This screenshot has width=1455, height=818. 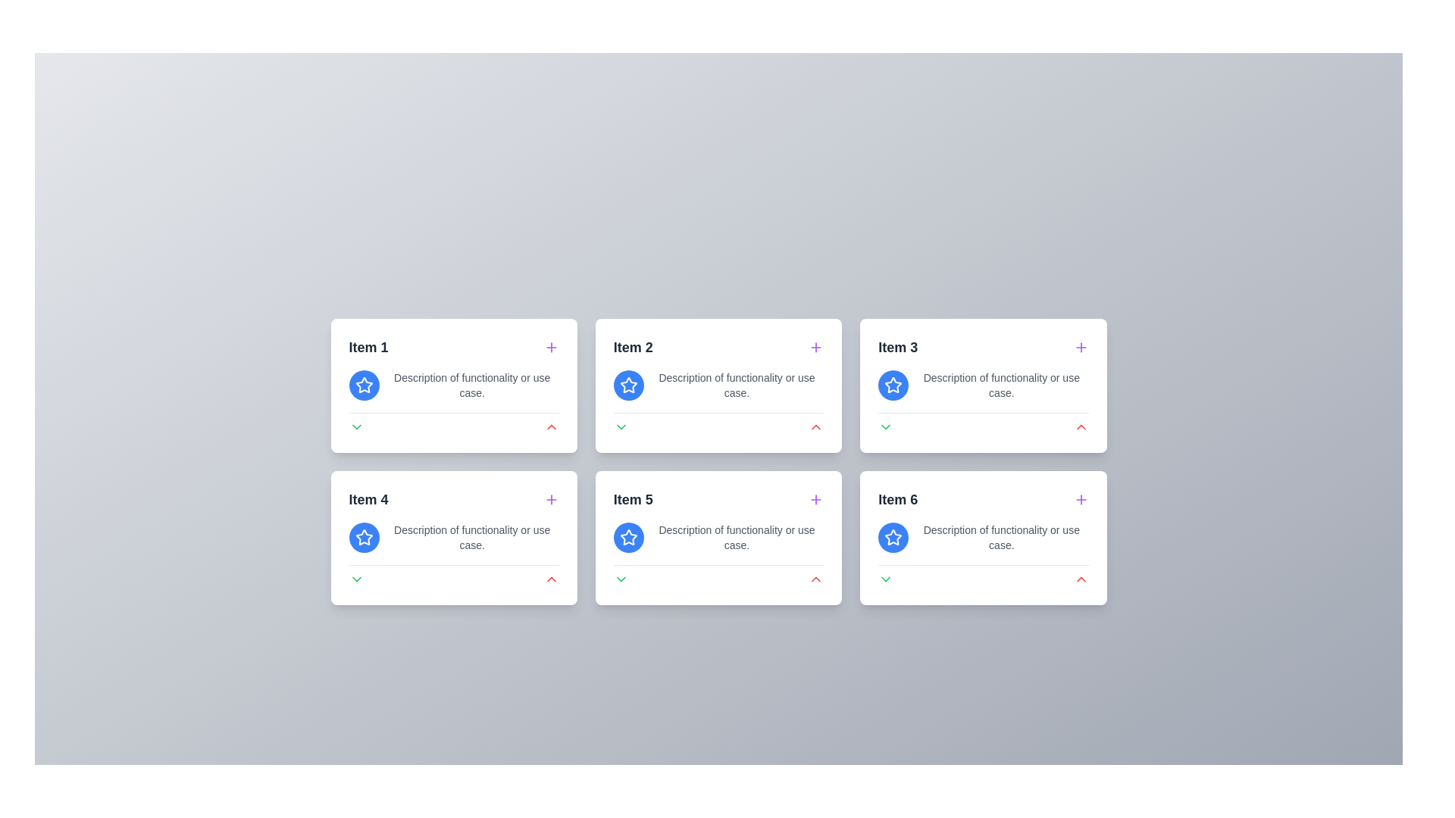 I want to click on the small upward-pointing red chevron button located in the bottom section of the card labeled 'Item 3', so click(x=1080, y=426).